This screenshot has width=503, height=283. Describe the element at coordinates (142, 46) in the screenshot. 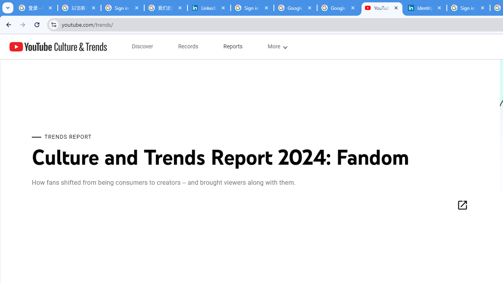

I see `'subnav-Discover menupopup'` at that location.